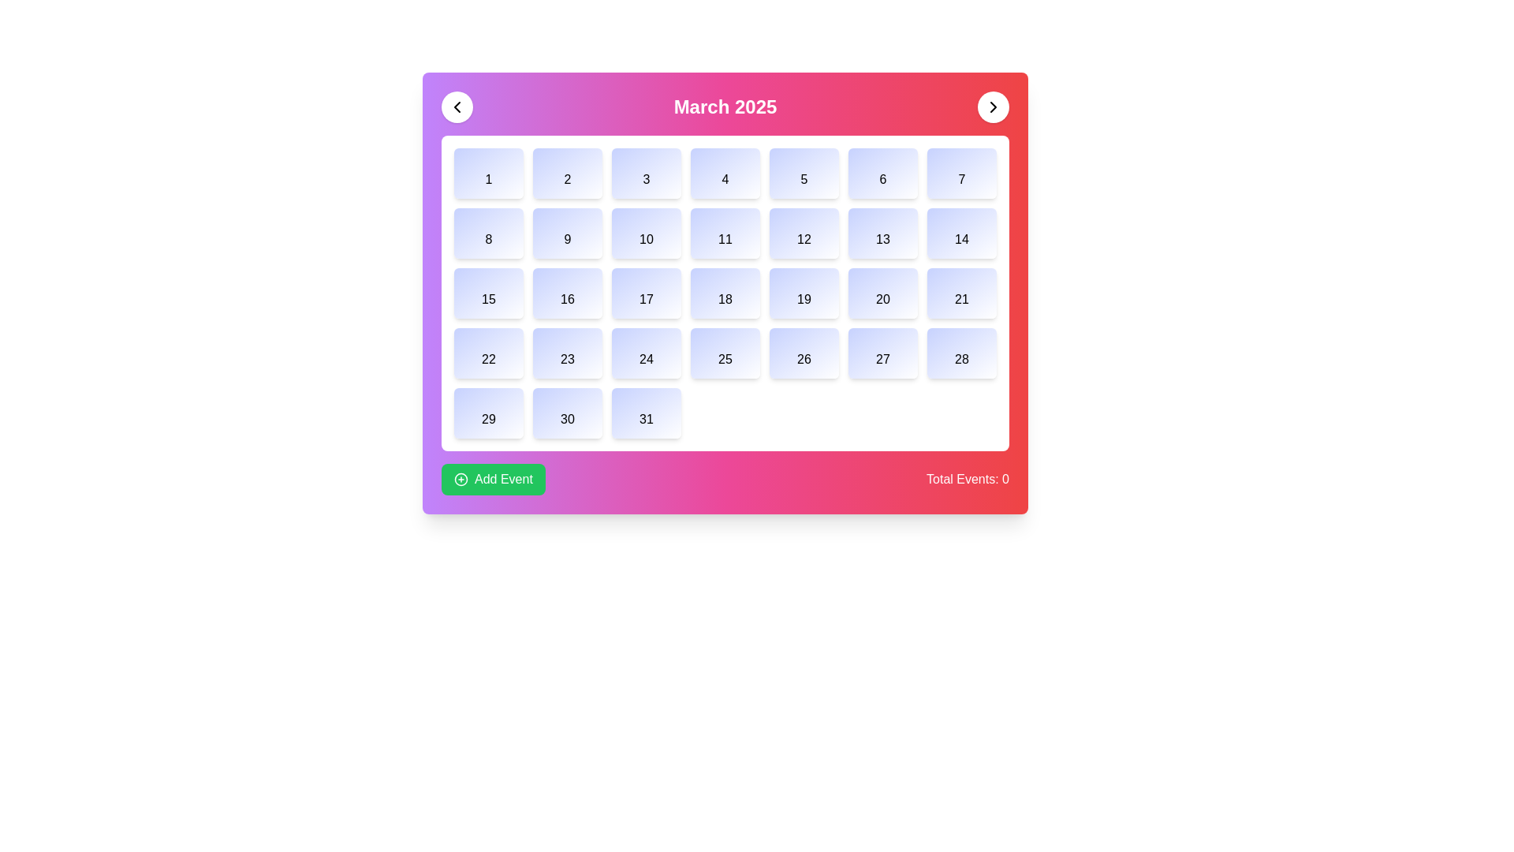 This screenshot has width=1514, height=852. What do you see at coordinates (960, 352) in the screenshot?
I see `the Boxed text item representing the 28th day in the calendar grid` at bounding box center [960, 352].